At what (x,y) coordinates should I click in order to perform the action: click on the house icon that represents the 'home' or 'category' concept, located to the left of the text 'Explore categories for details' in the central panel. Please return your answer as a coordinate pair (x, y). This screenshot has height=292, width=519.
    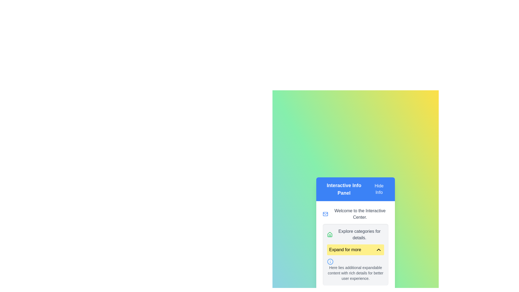
    Looking at the image, I should click on (330, 234).